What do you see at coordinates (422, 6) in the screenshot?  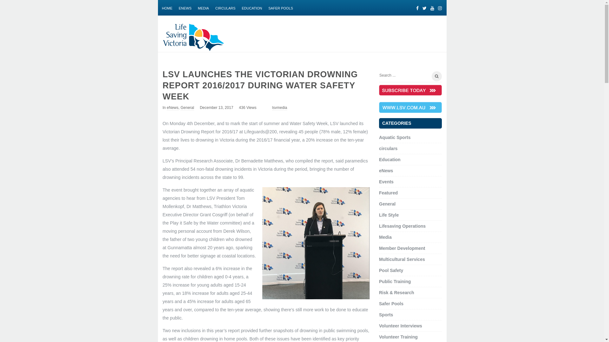 I see `'Twitter'` at bounding box center [422, 6].